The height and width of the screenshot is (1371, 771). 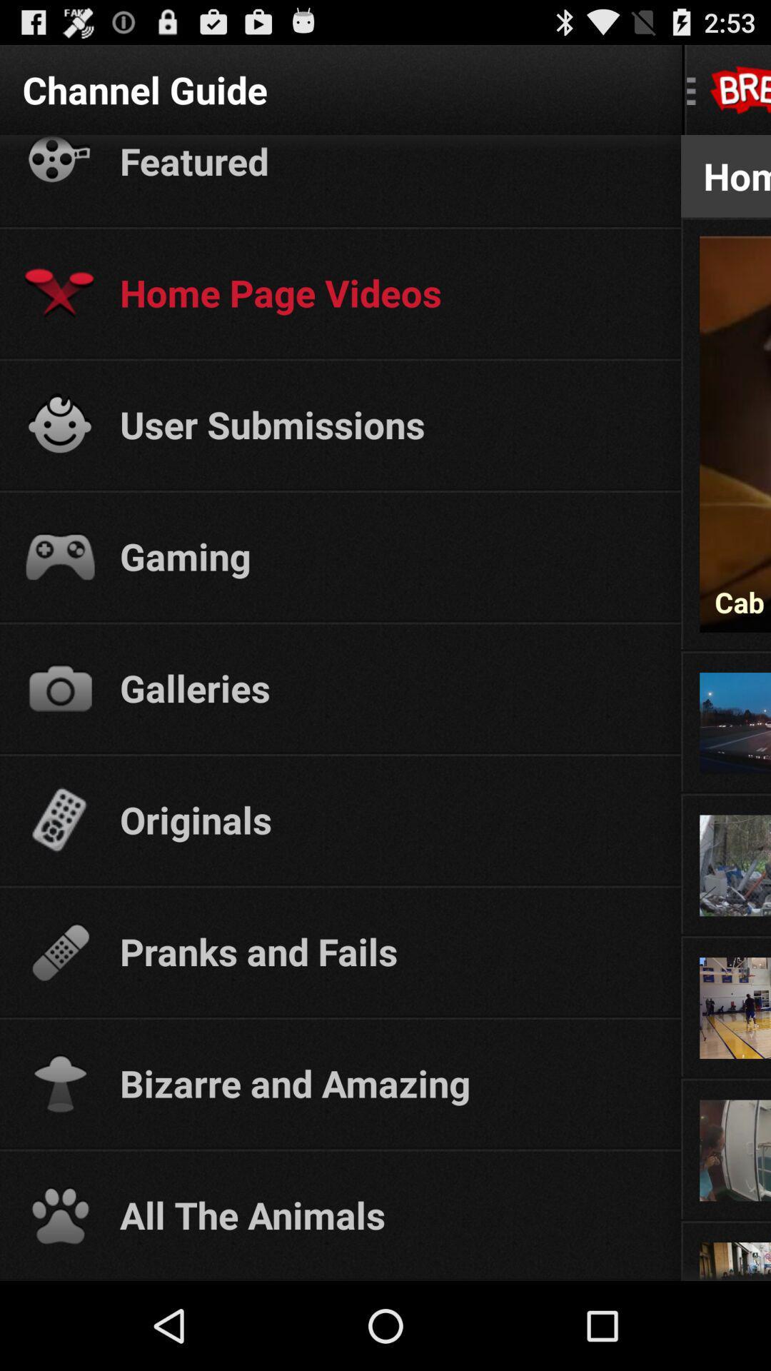 I want to click on the bizarre and amazing icon, so click(x=387, y=1083).